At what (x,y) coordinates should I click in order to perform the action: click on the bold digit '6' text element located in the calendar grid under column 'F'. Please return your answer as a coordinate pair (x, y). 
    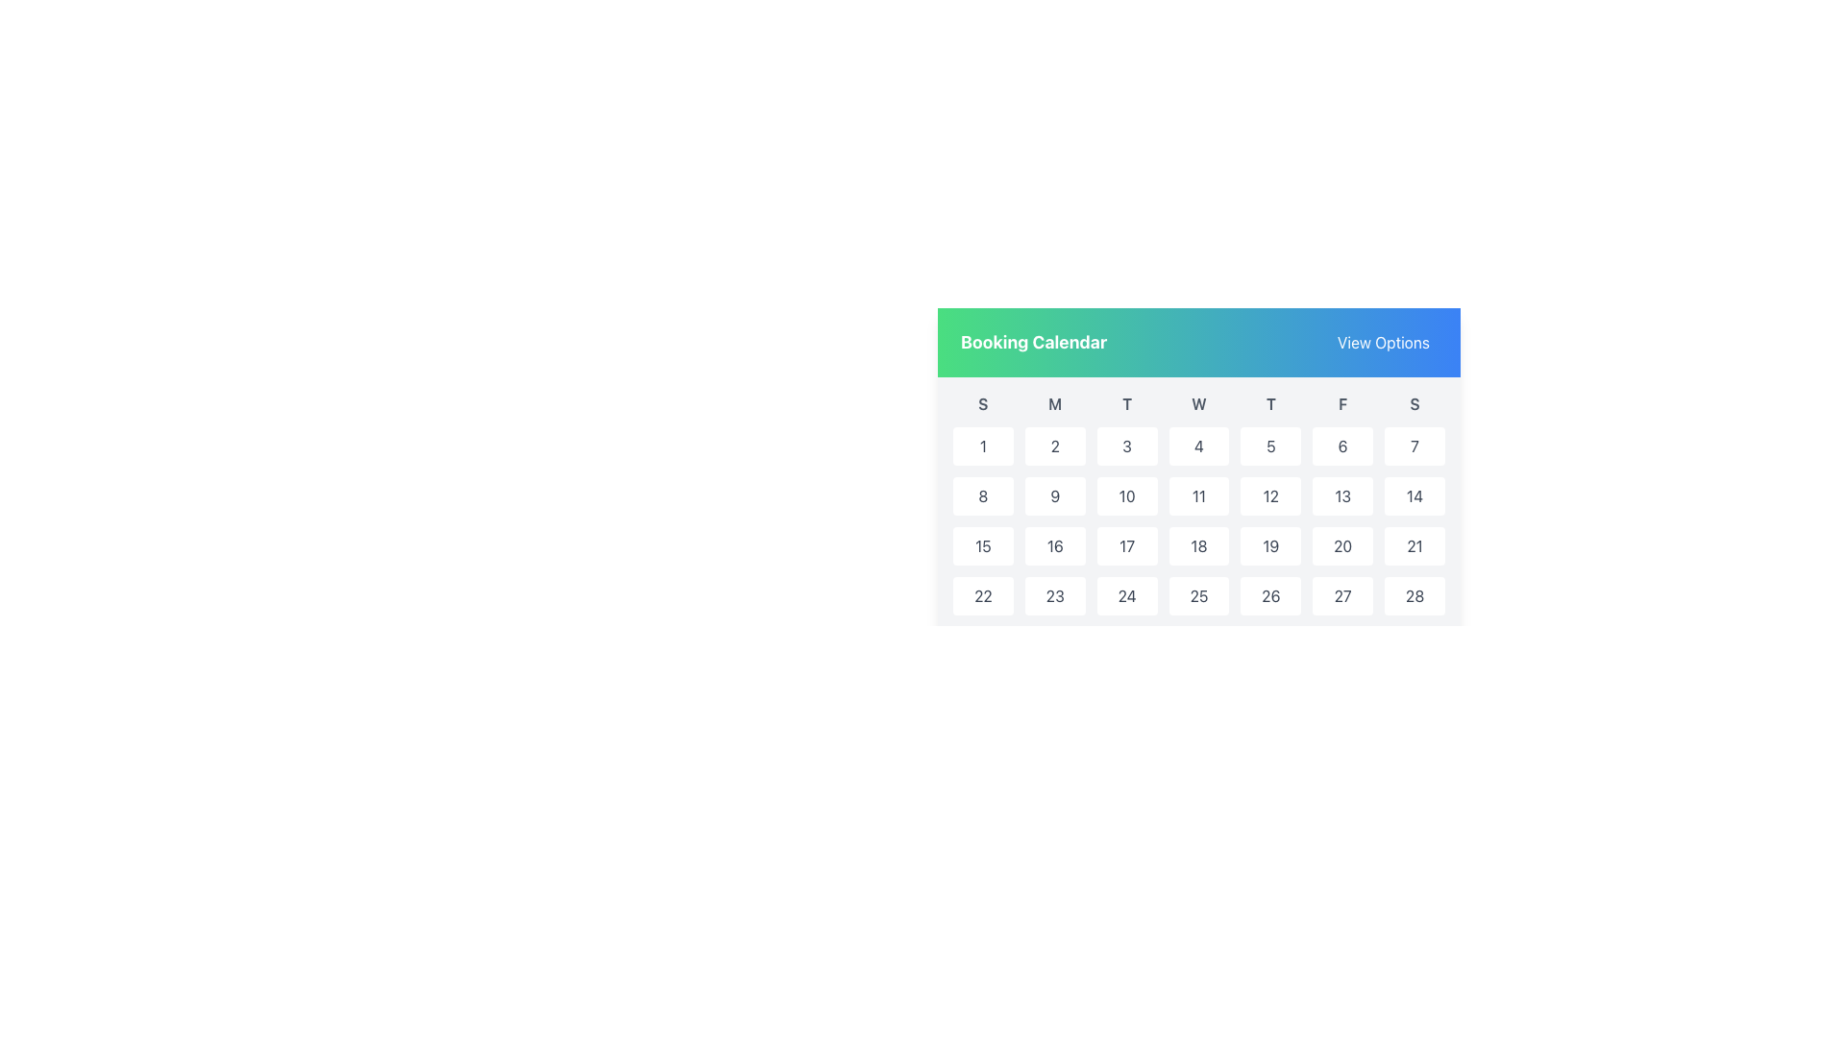
    Looking at the image, I should click on (1341, 446).